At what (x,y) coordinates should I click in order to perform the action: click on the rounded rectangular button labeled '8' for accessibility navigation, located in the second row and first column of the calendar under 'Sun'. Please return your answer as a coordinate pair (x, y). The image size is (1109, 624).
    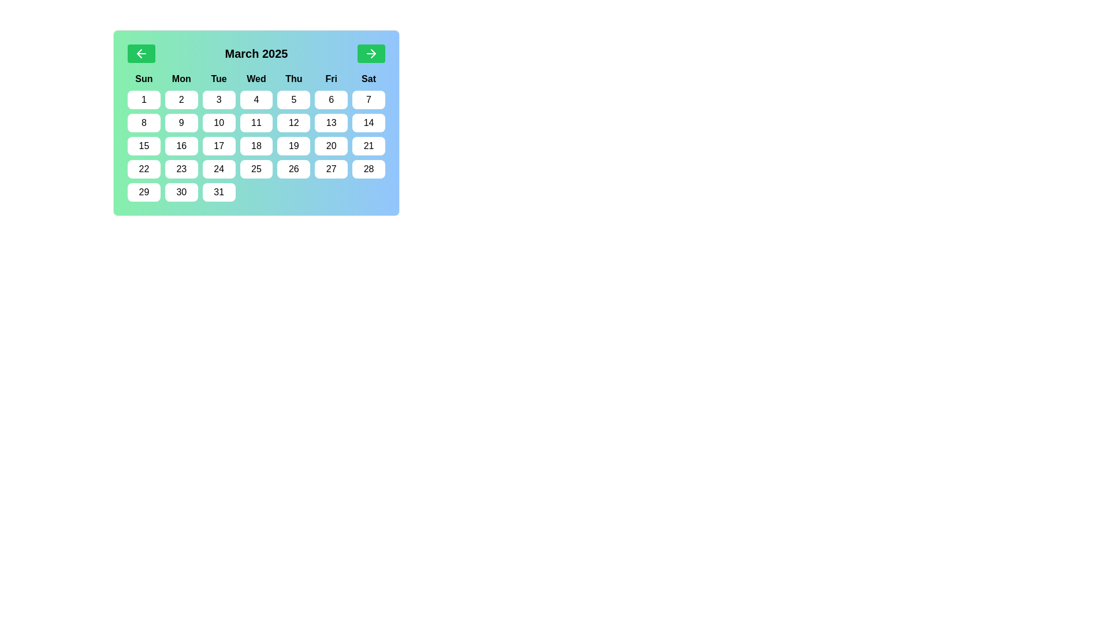
    Looking at the image, I should click on (143, 122).